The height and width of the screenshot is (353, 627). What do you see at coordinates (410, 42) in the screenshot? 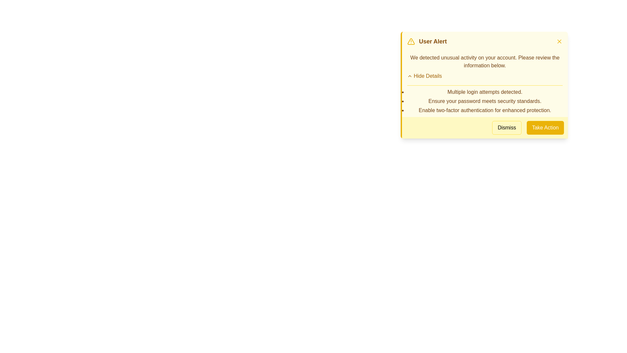
I see `the warning icon located at the top-left corner of the alert dialog, preceding the heading text 'User Alert'` at bounding box center [410, 42].